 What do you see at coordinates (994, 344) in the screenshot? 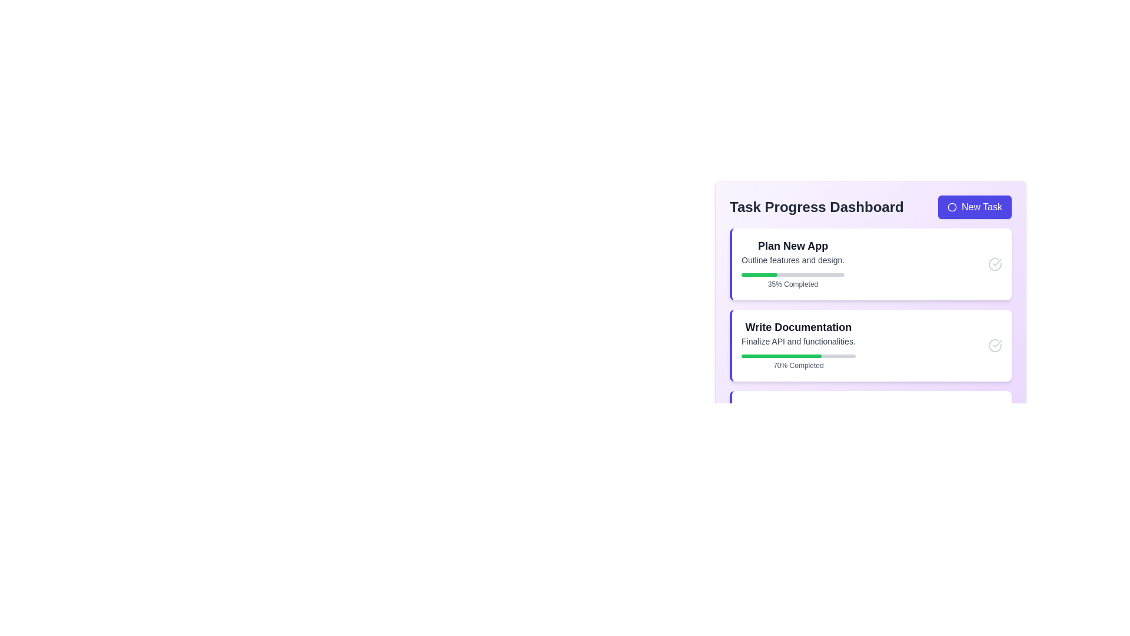
I see `the completion status icon located in the rightmost area of the 'Write Documentation' task card, aligned horizontally with the task's title and description text` at bounding box center [994, 344].